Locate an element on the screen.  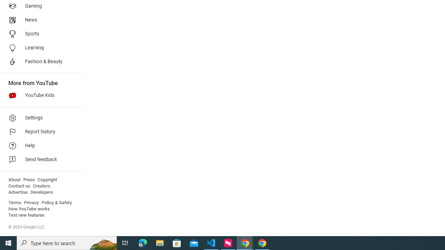
'Press' is located at coordinates (29, 180).